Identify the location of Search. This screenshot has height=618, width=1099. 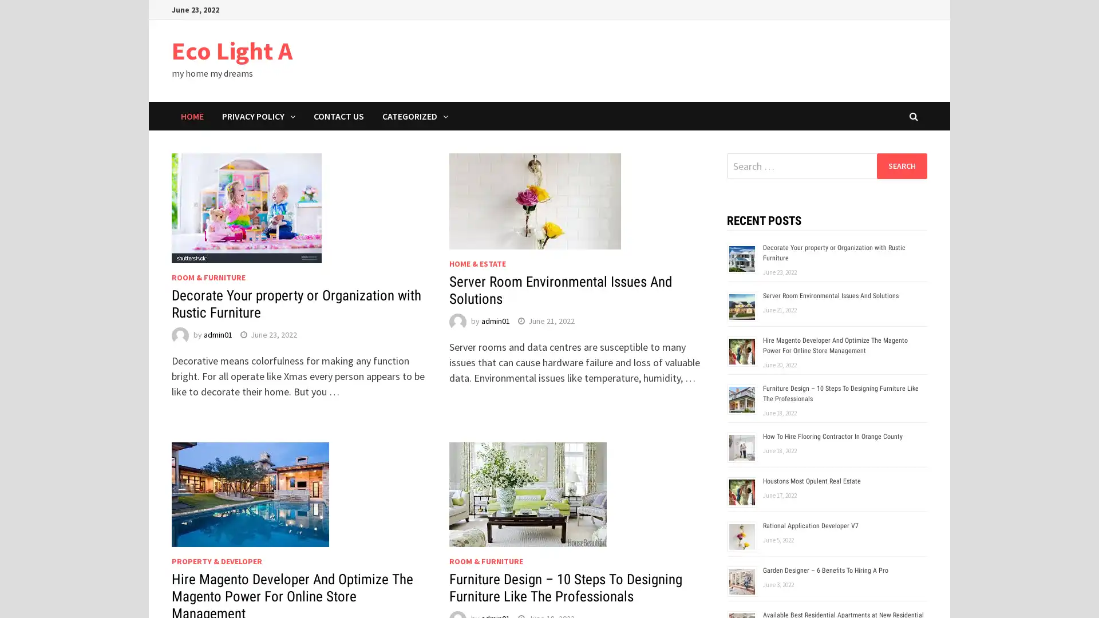
(901, 165).